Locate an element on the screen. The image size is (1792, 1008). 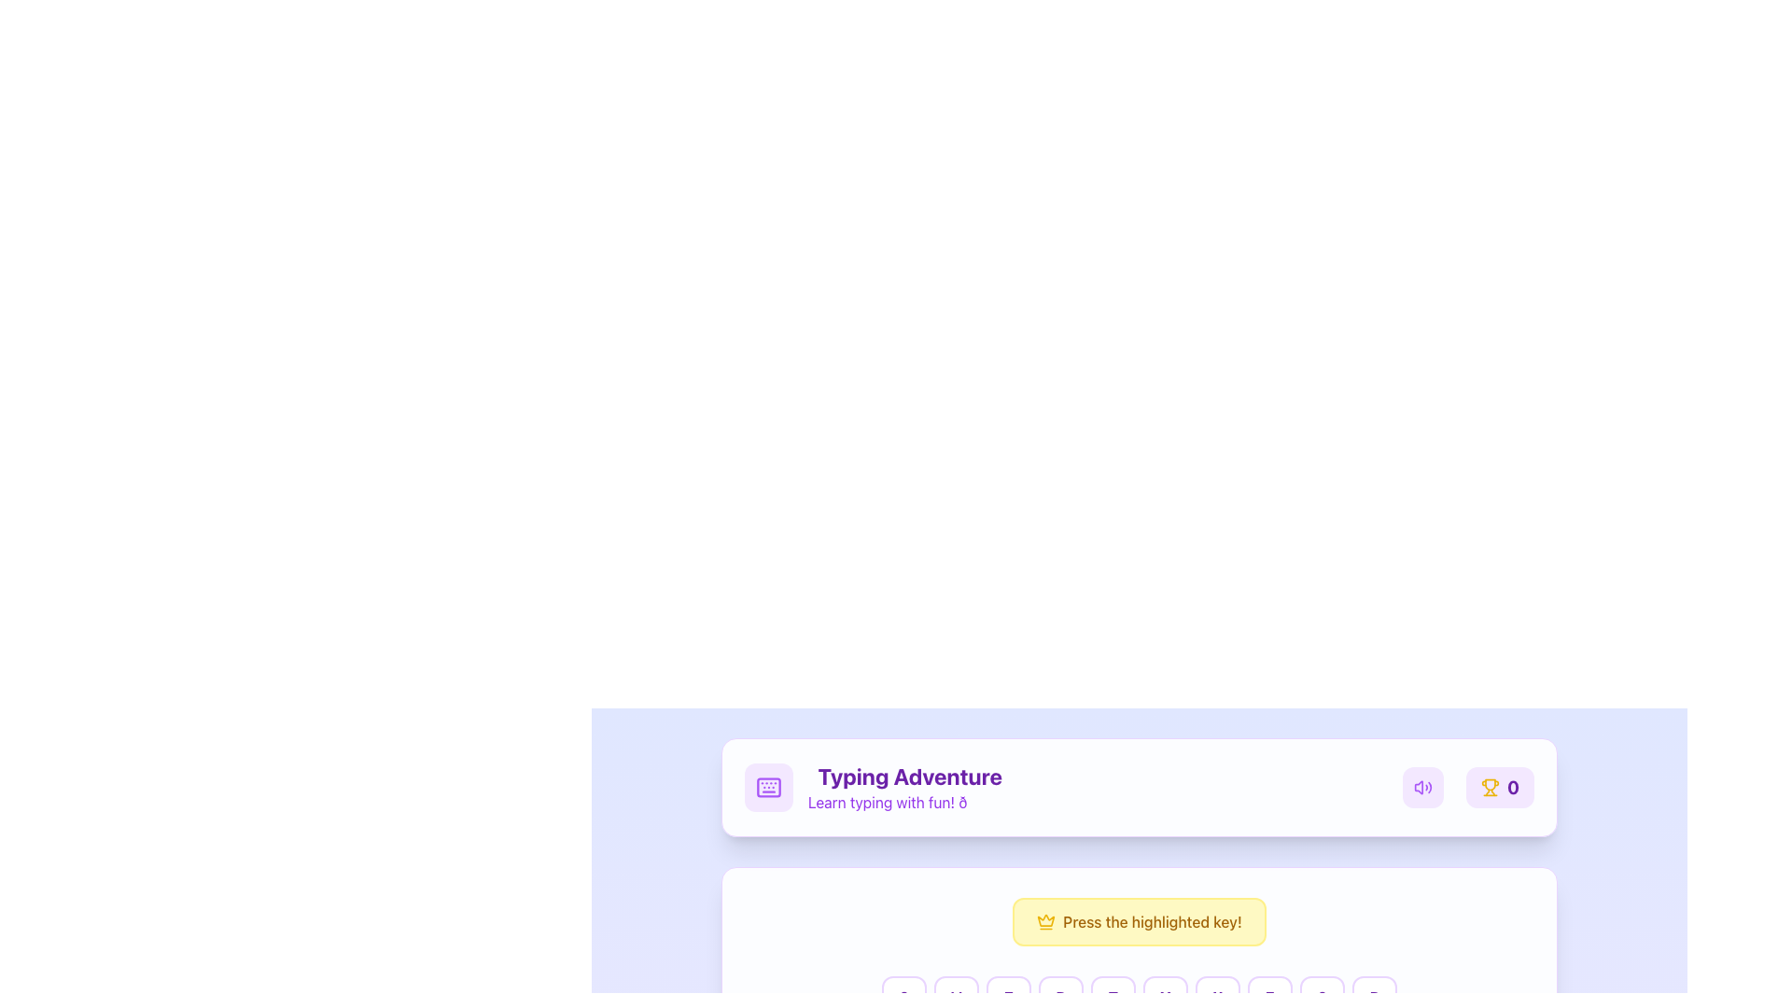
the Text Label styled in purple with the phrase 'Learn typing with fun! 🌟', located below the heading 'Typing Adventure' is located at coordinates (910, 802).